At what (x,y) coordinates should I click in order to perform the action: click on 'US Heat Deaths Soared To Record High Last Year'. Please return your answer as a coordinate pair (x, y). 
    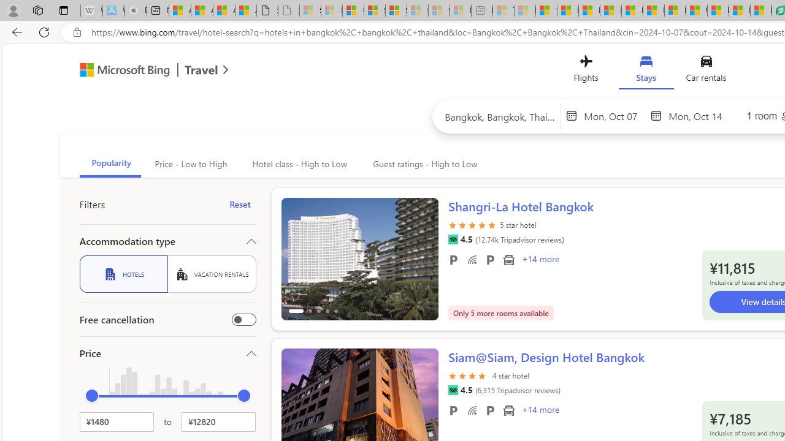
    Looking at the image, I should click on (697, 10).